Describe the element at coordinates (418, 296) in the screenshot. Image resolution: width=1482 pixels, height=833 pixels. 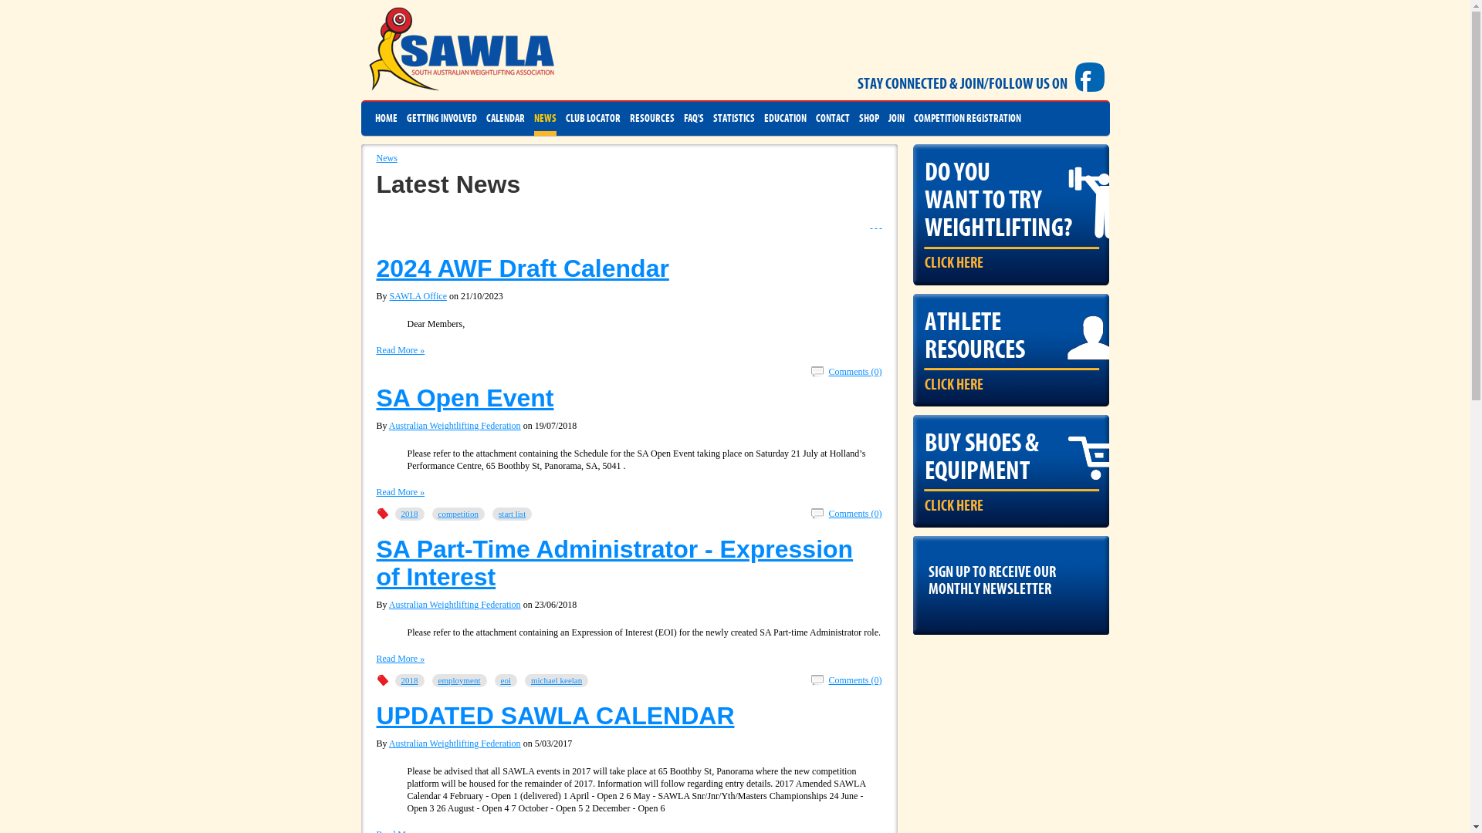
I see `'SAWLA Office'` at that location.